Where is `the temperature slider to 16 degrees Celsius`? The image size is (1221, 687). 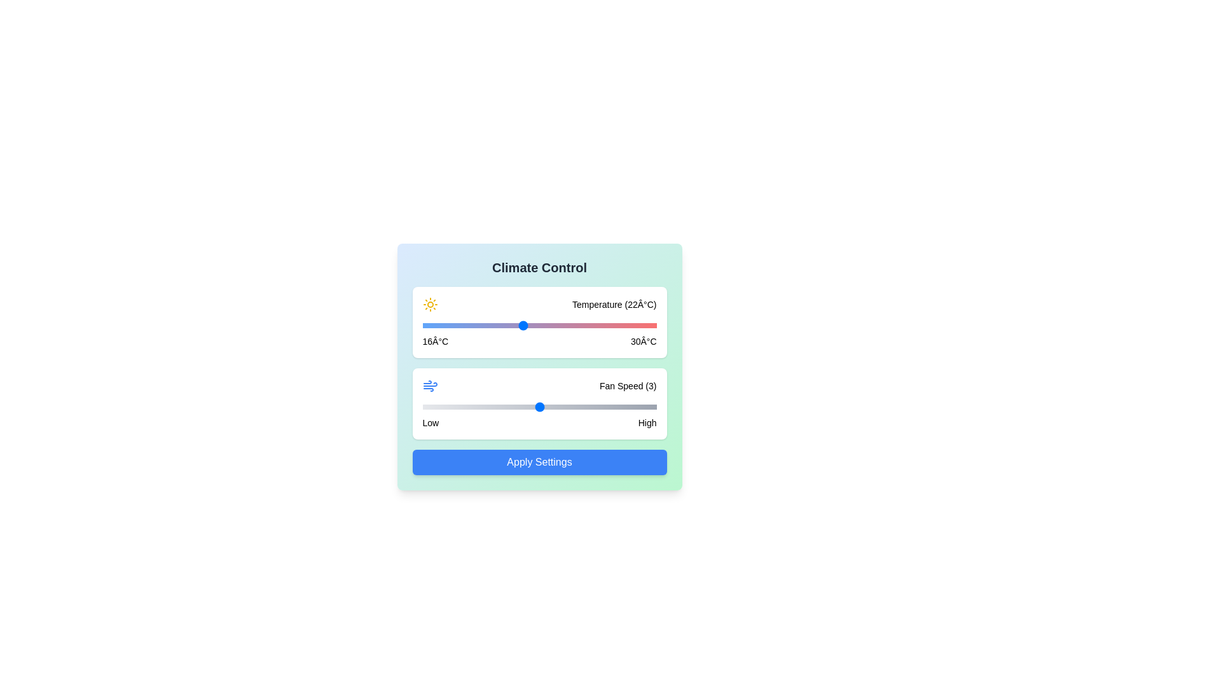 the temperature slider to 16 degrees Celsius is located at coordinates (422, 325).